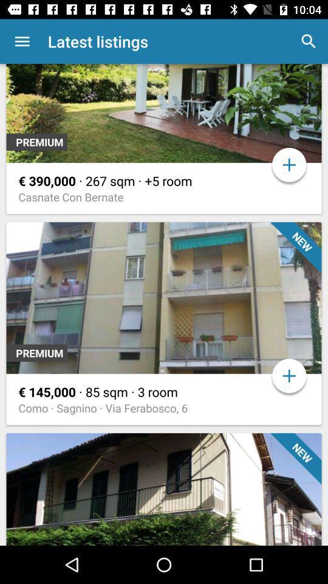  What do you see at coordinates (22, 41) in the screenshot?
I see `app next to the latest listings app` at bounding box center [22, 41].